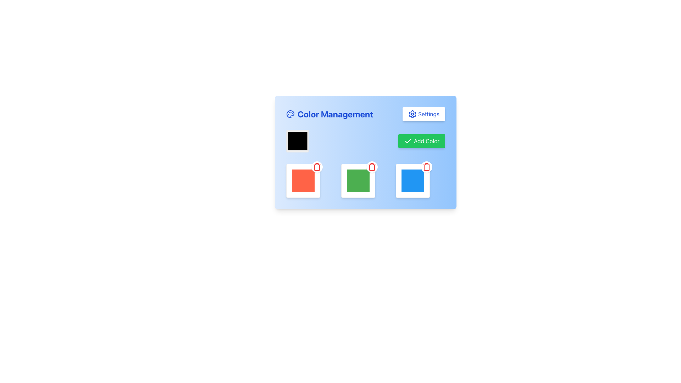 The height and width of the screenshot is (383, 681). Describe the element at coordinates (366, 180) in the screenshot. I see `the second color block frame` at that location.